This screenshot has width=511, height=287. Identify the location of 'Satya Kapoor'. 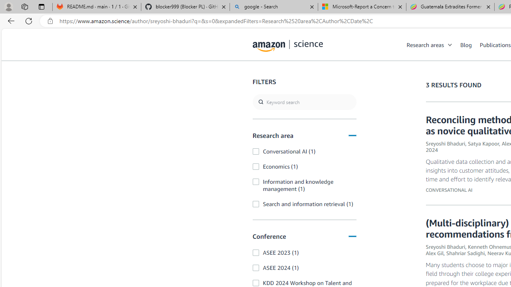
(483, 143).